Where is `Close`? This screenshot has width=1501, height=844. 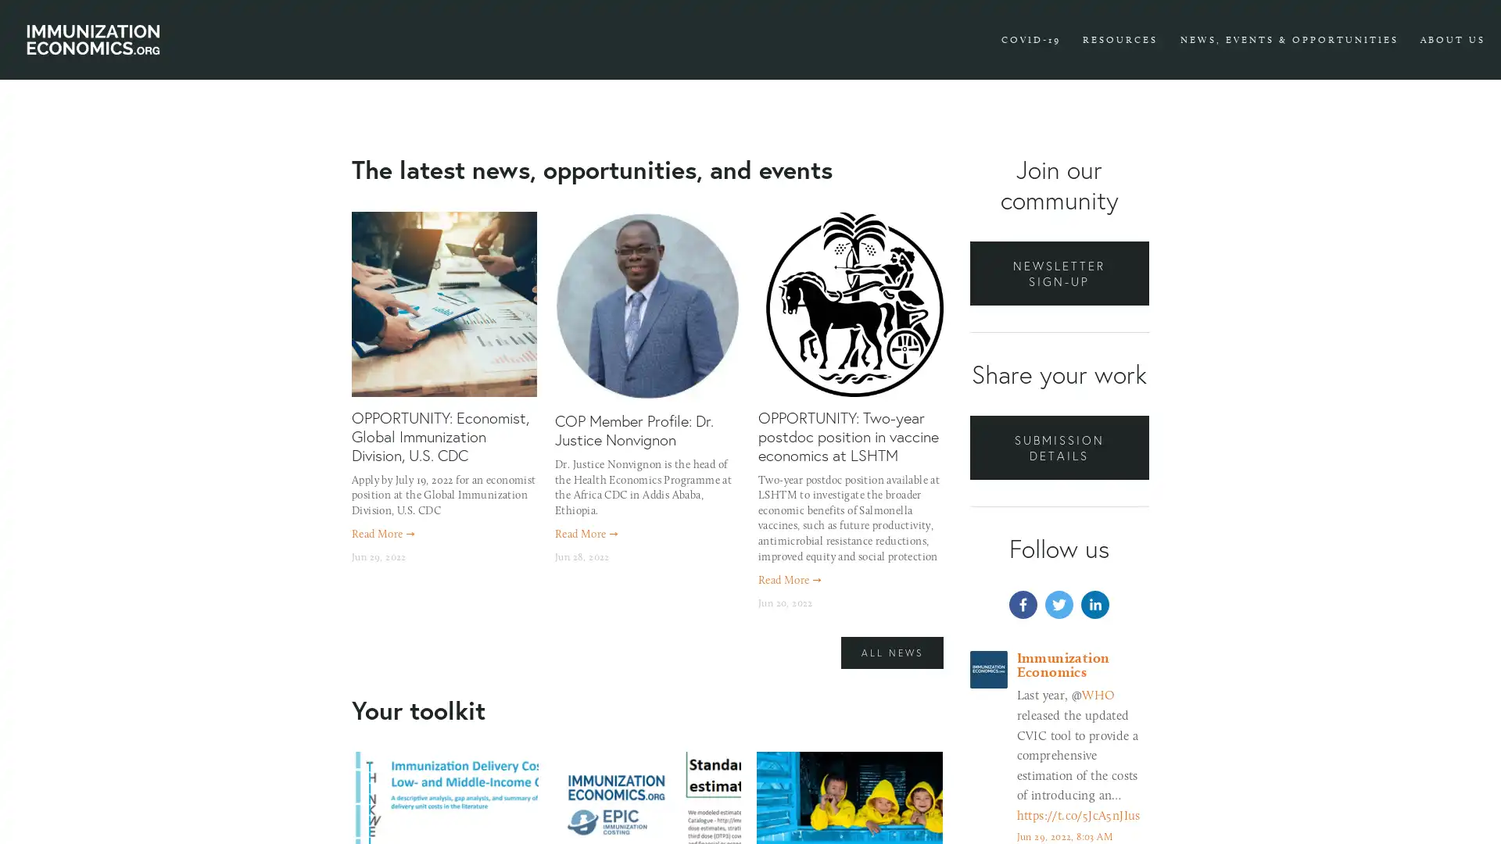 Close is located at coordinates (1025, 203).